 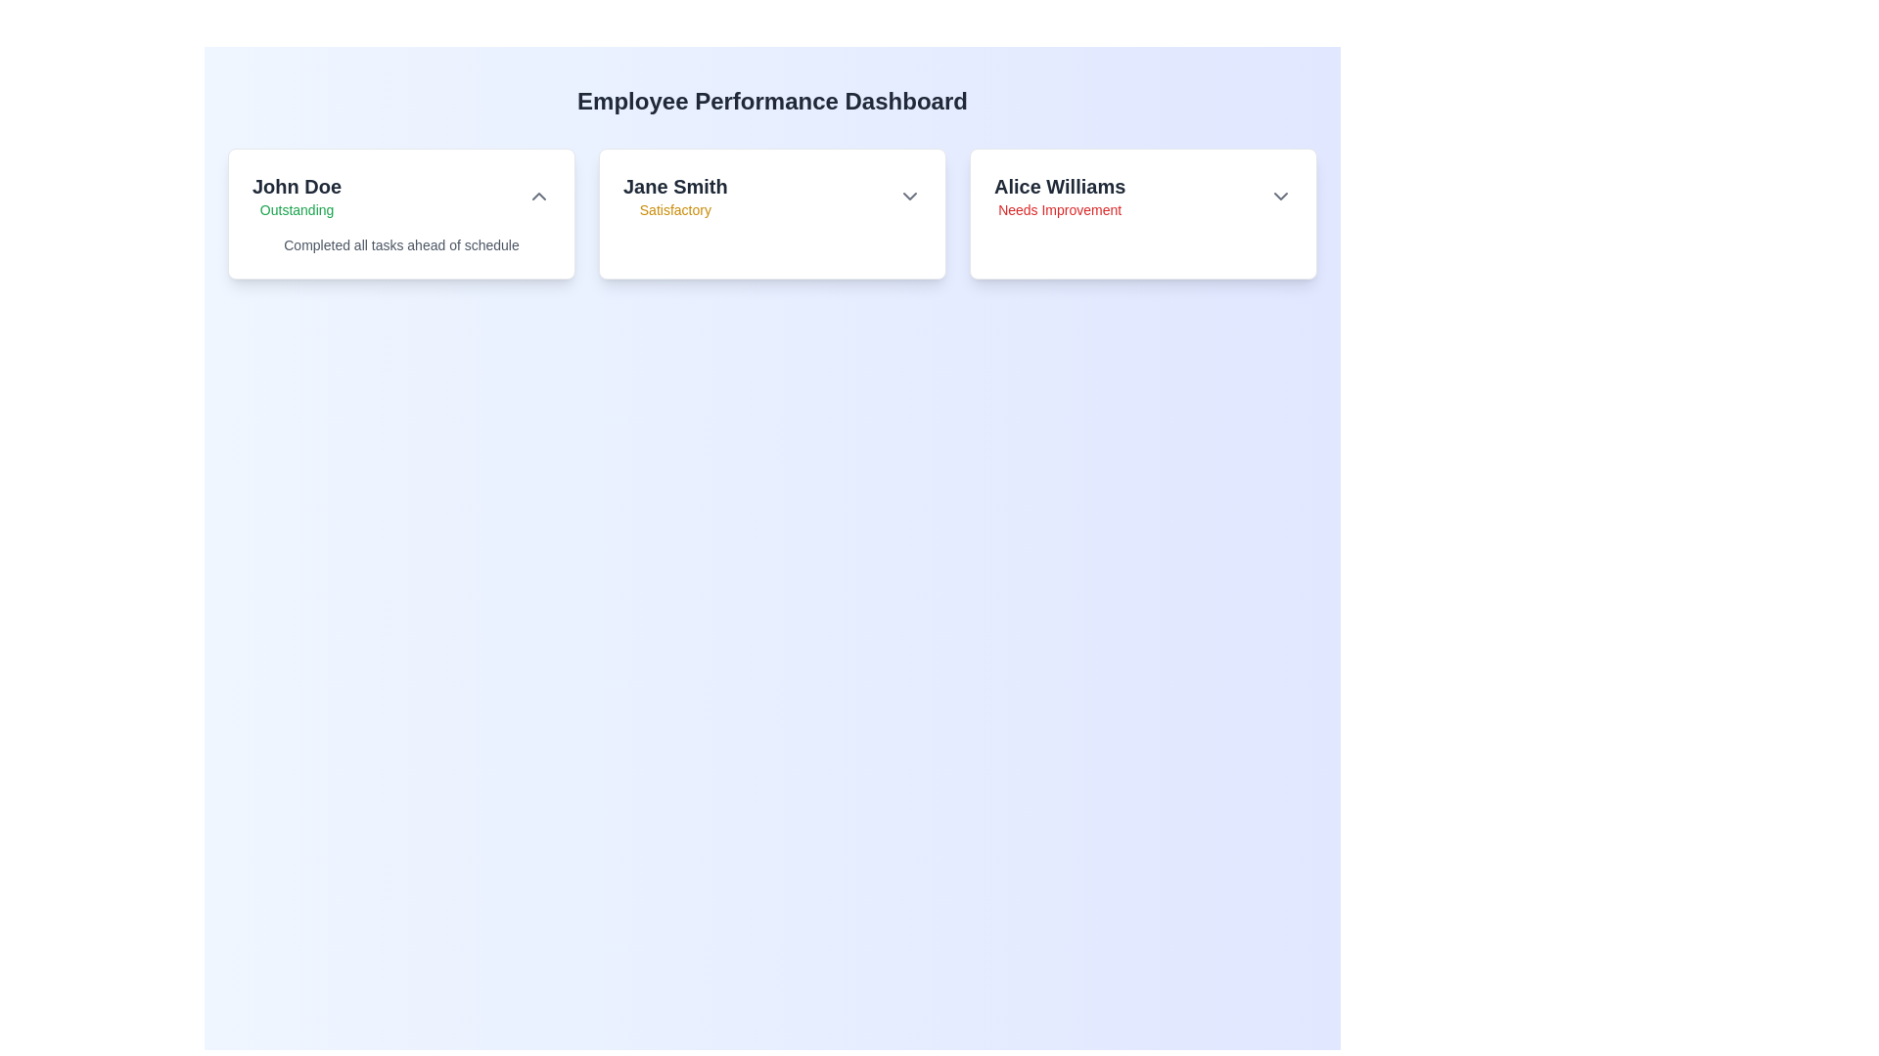 I want to click on the title text label indicating the name of an individual, located above the text 'Satisfactory' in the second card of a grid layout, so click(x=675, y=187).